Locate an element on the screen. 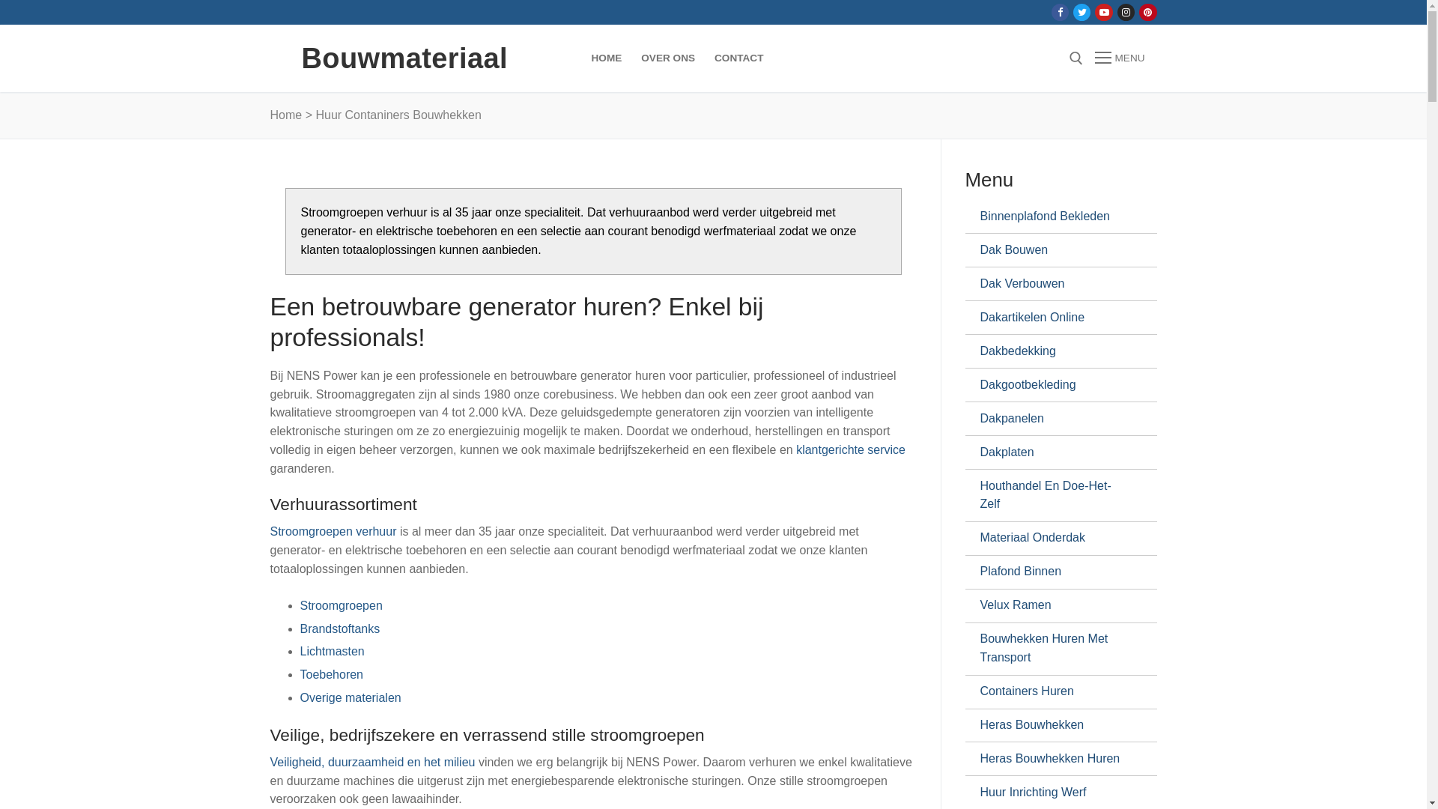 The height and width of the screenshot is (809, 1438). 'MENU' is located at coordinates (1119, 57).